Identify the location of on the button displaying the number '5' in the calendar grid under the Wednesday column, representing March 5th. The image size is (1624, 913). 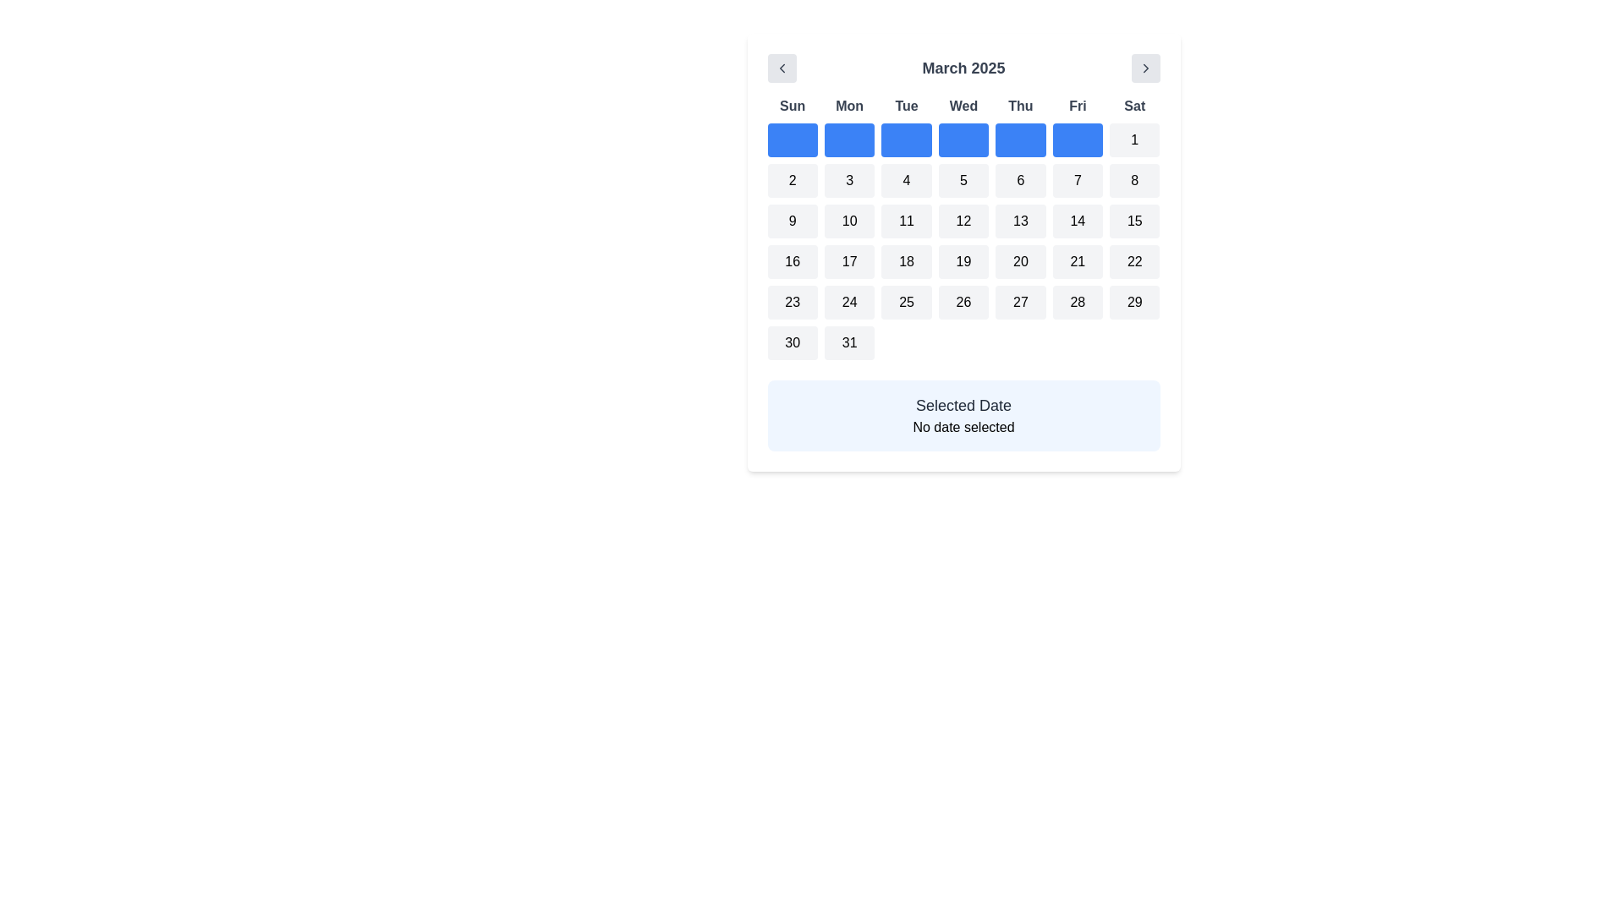
(963, 180).